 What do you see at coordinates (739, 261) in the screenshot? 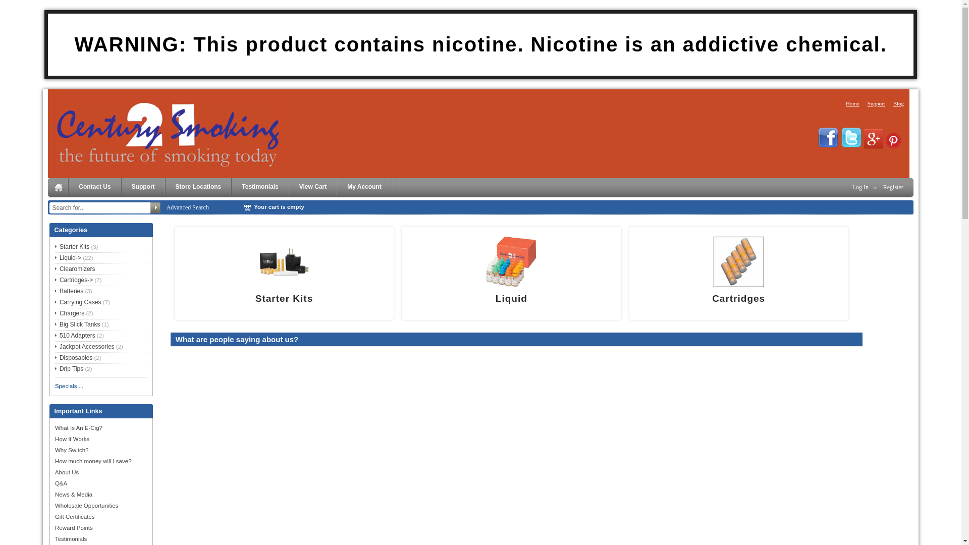
I see `' Cartridges'` at bounding box center [739, 261].